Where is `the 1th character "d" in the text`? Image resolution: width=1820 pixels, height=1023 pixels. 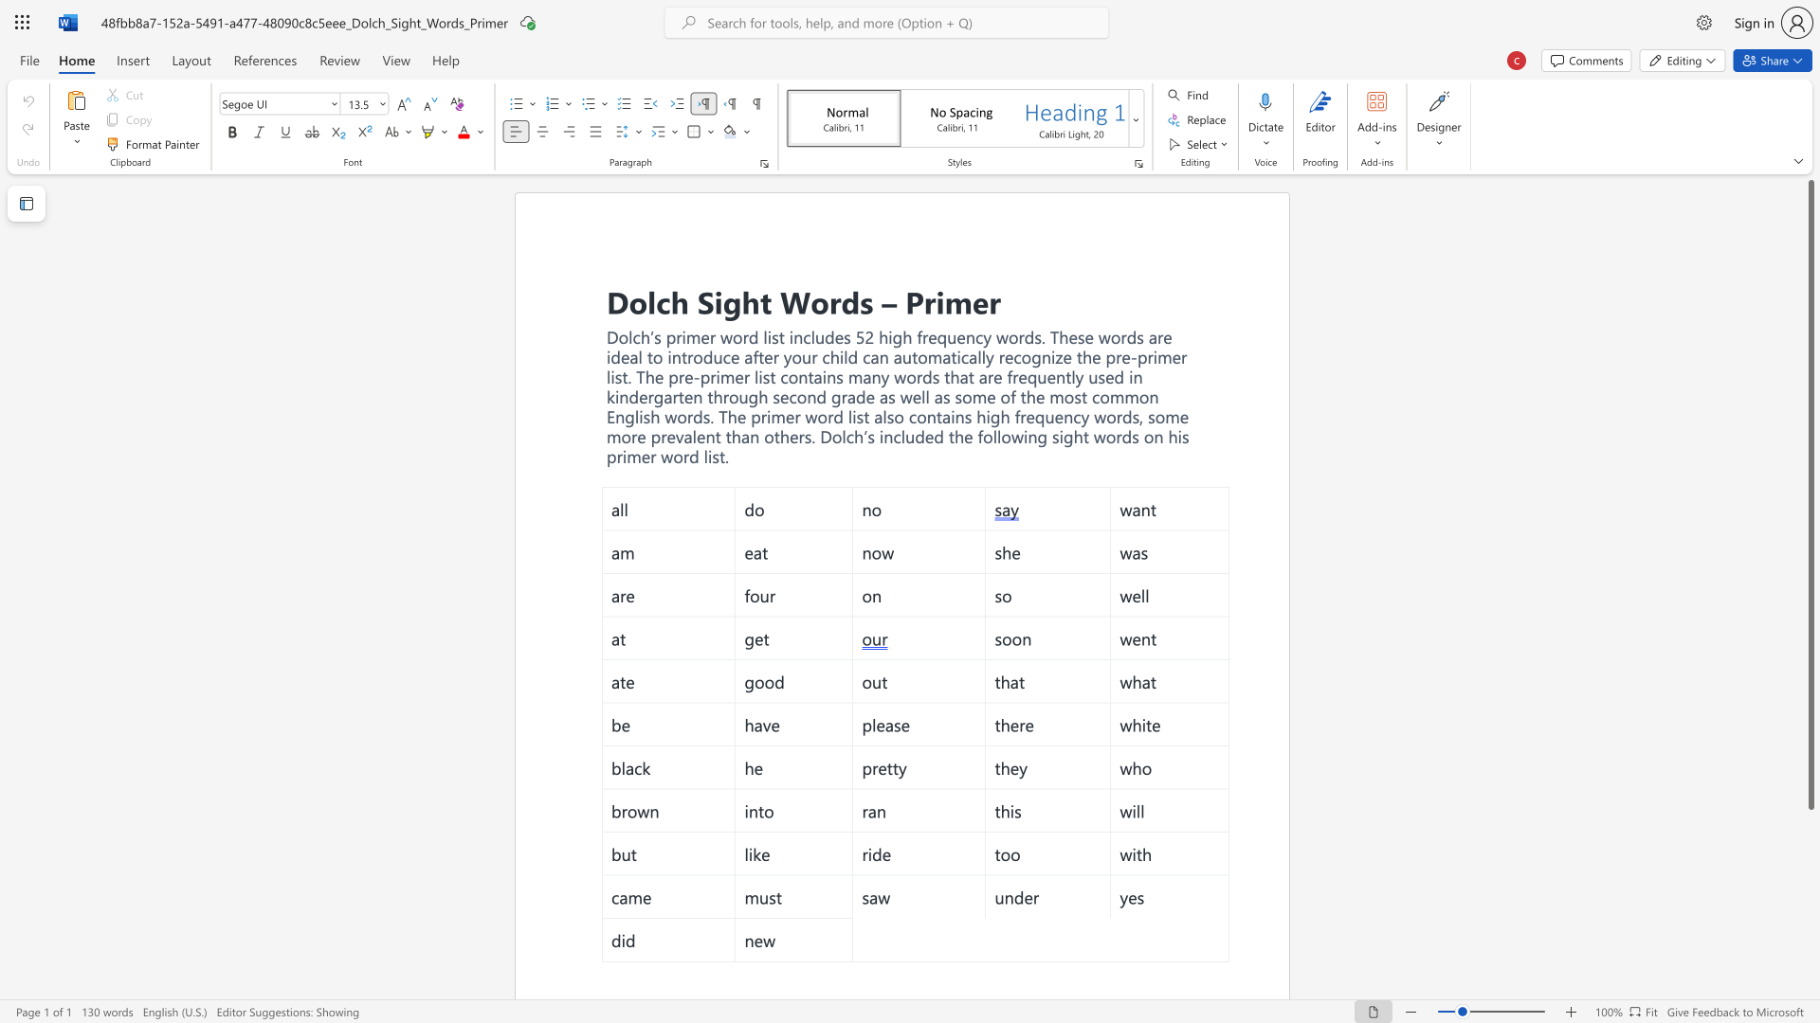 the 1th character "d" in the text is located at coordinates (849, 300).